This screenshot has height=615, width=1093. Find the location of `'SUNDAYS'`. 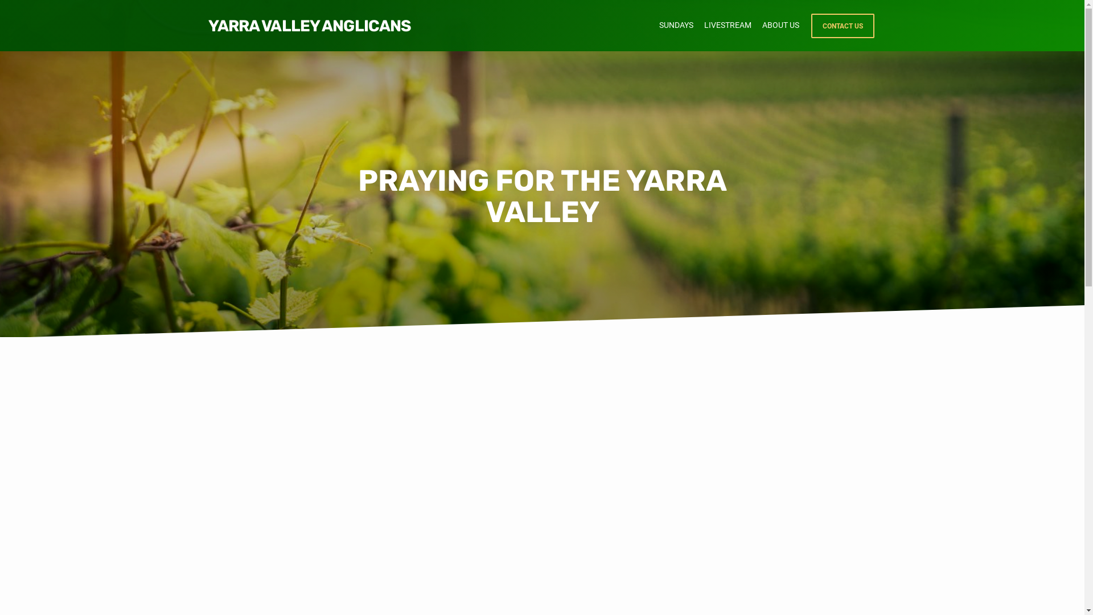

'SUNDAYS' is located at coordinates (659, 31).